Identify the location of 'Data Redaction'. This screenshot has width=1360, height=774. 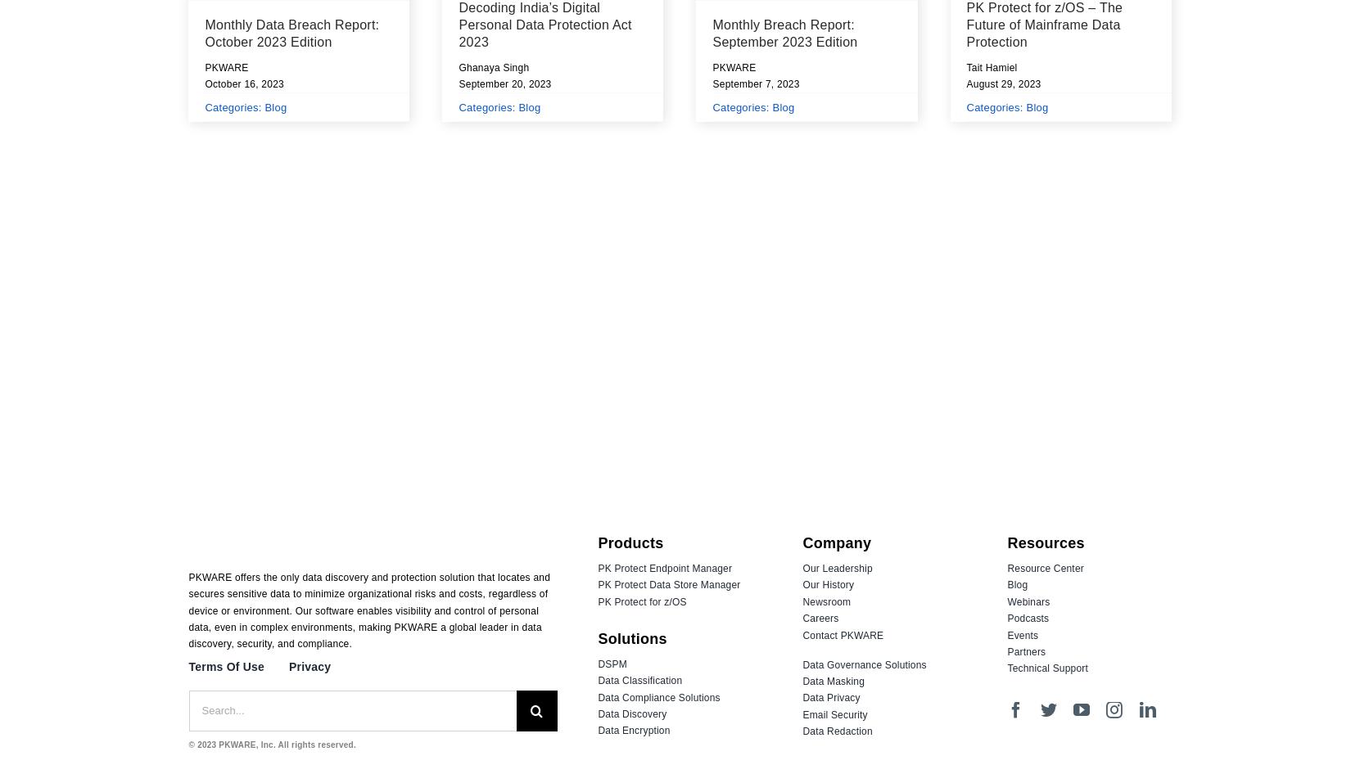
(801, 730).